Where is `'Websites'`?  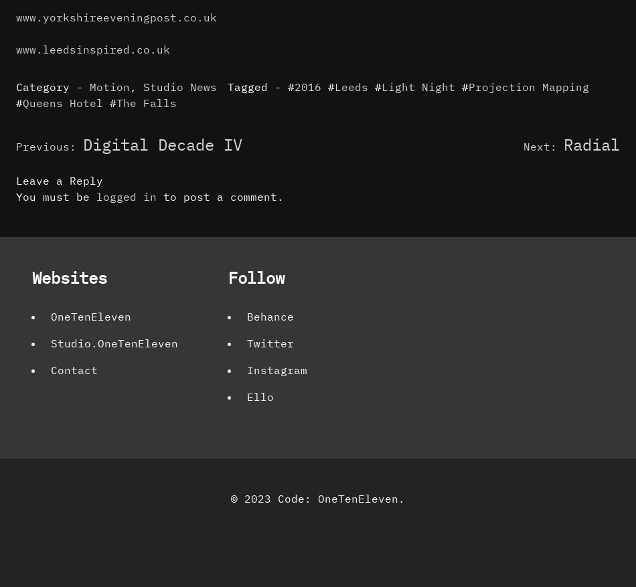 'Websites' is located at coordinates (70, 276).